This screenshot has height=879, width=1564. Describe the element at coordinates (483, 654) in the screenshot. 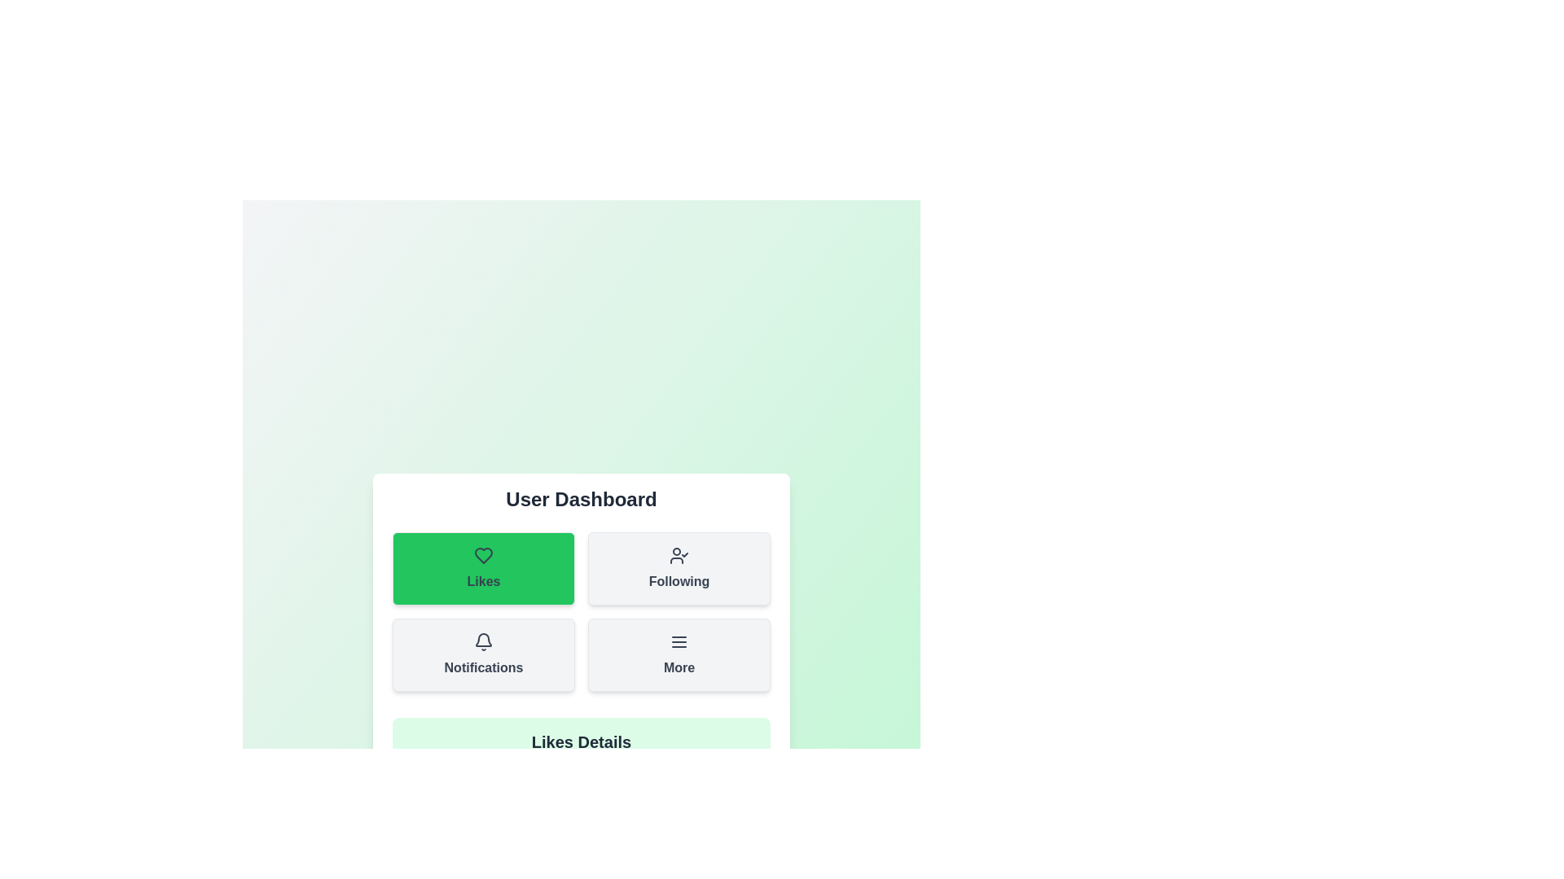

I see `the button labeled 'Notifications' to observe its animation` at that location.